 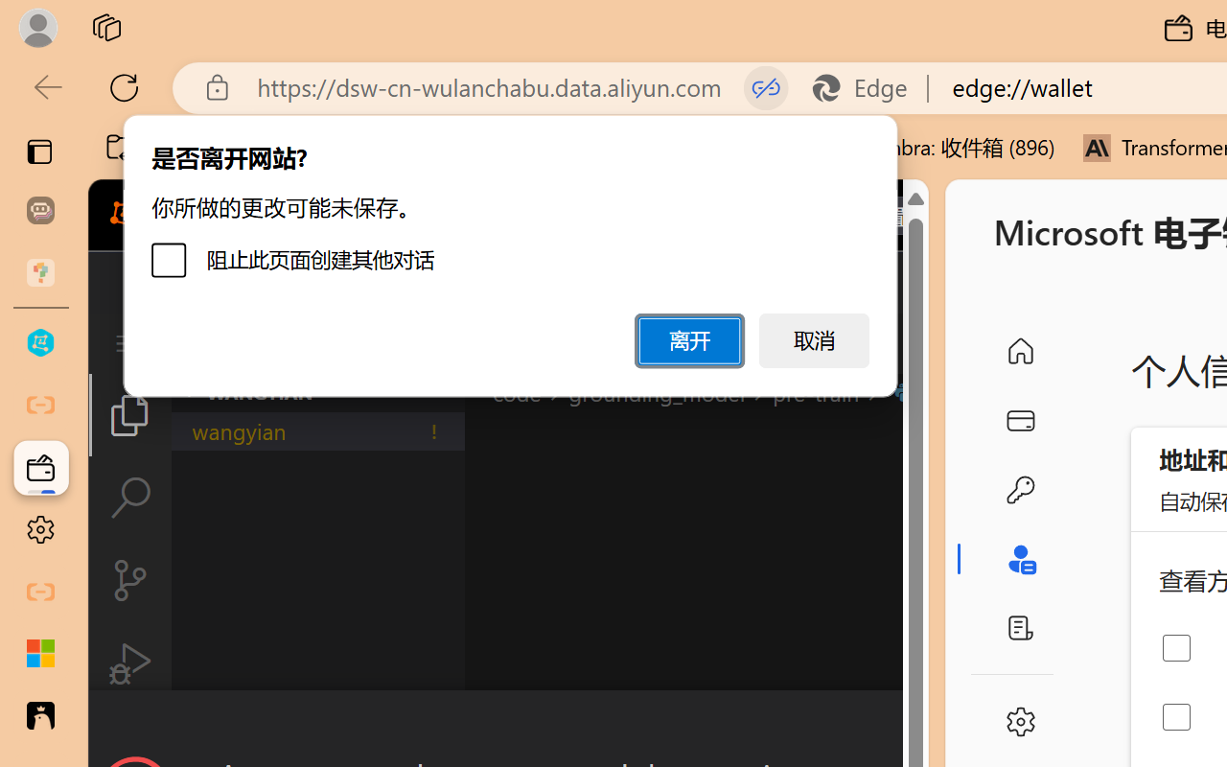 I want to click on 'Microsoft security help and learning', so click(x=40, y=654).